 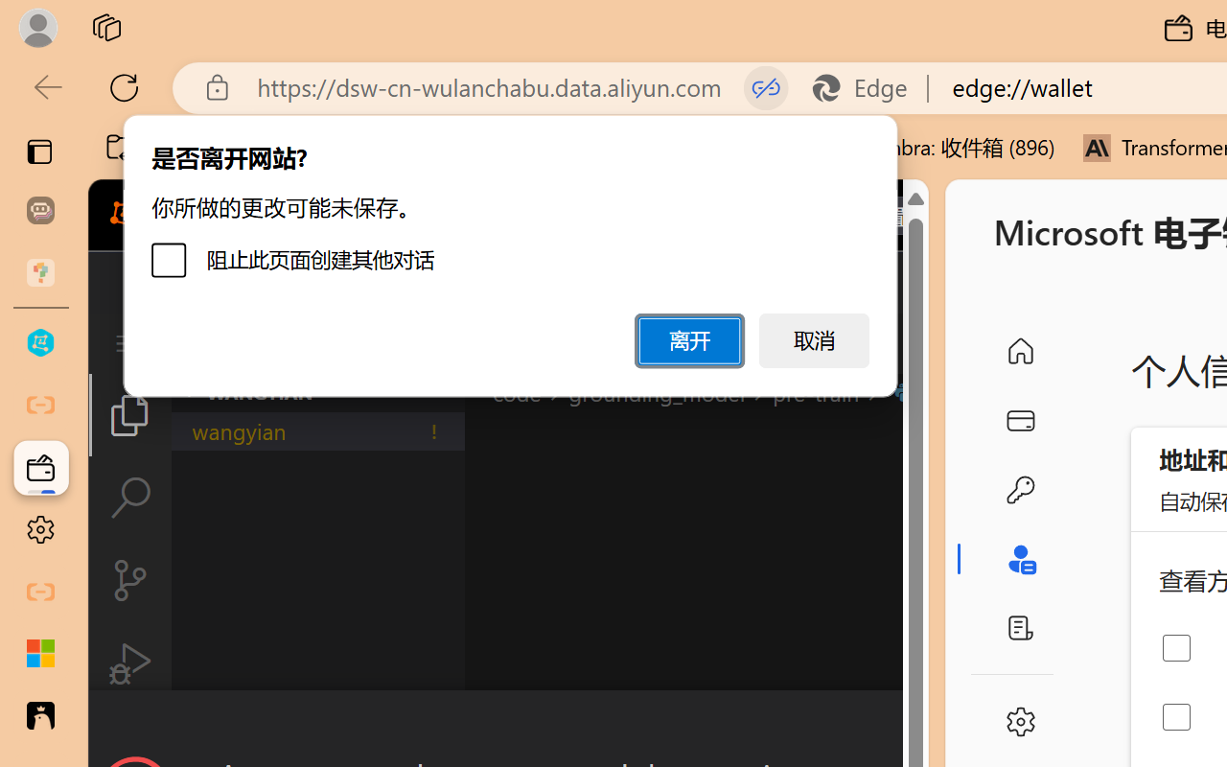 I want to click on 'Microsoft security help and learning', so click(x=40, y=654).